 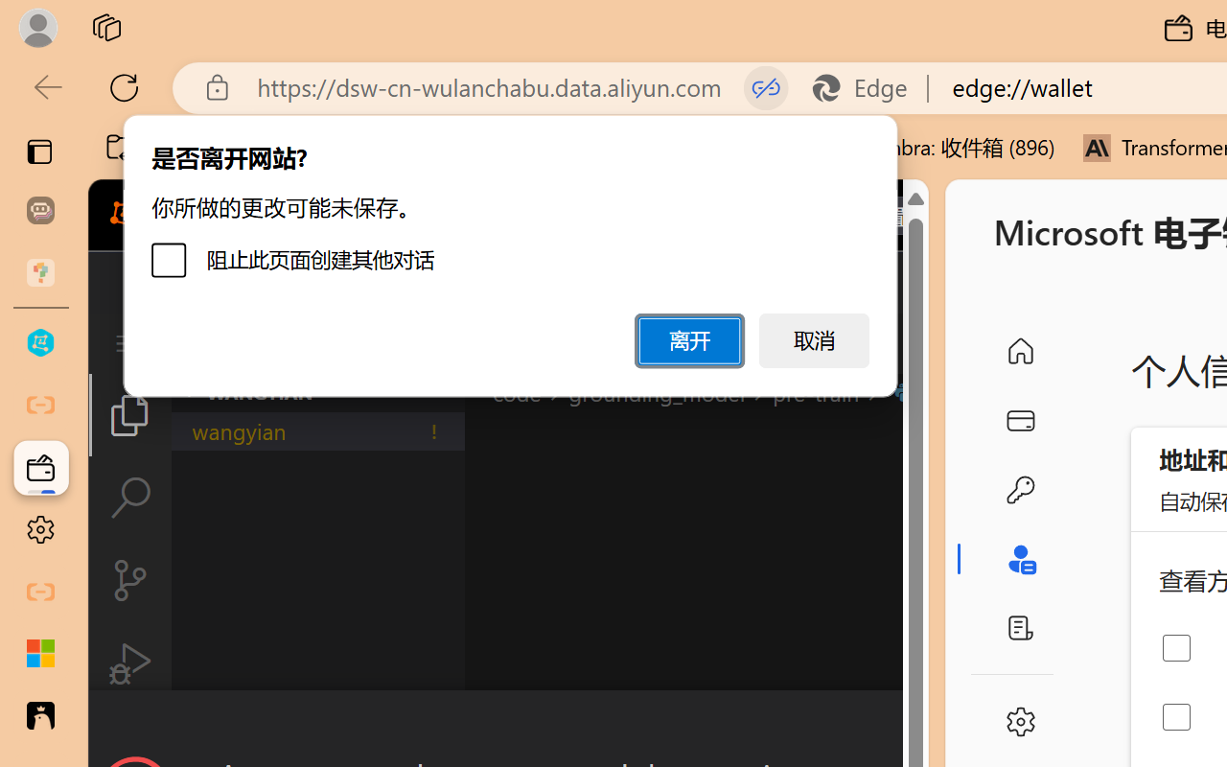 I want to click on 'Microsoft security help and learning', so click(x=40, y=654).